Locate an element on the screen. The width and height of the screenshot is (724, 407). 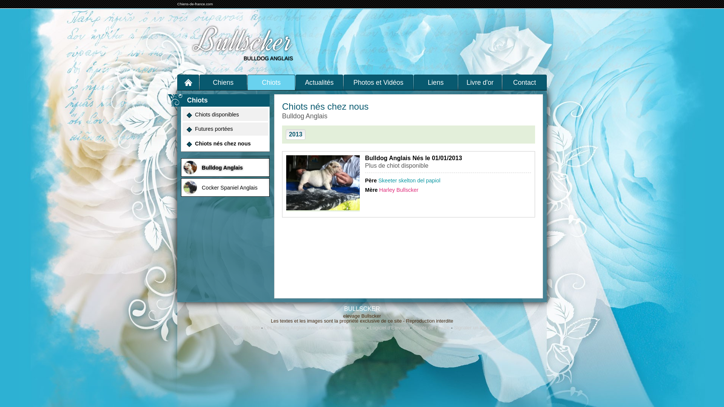
'BULLSCKER' is located at coordinates (361, 309).